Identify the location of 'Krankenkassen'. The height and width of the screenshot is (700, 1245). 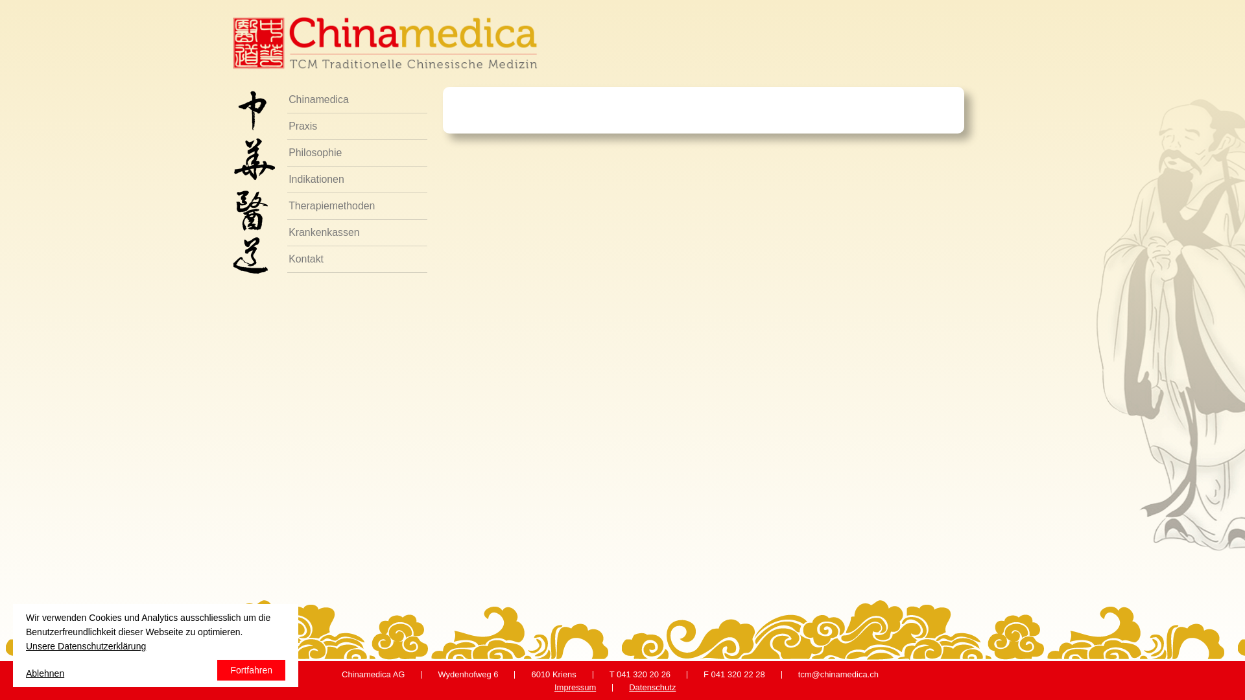
(357, 232).